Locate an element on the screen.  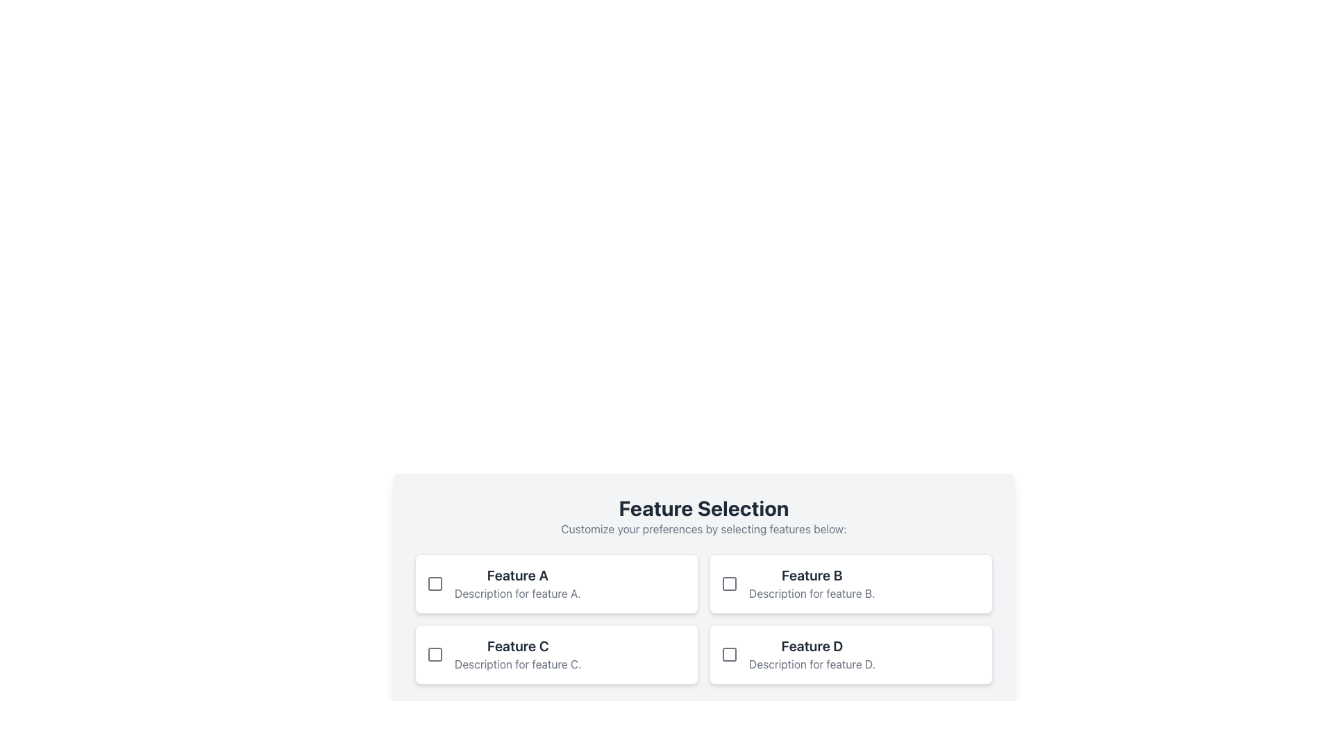
the interactive checkbox for the 'Feature C' option is located at coordinates (435, 655).